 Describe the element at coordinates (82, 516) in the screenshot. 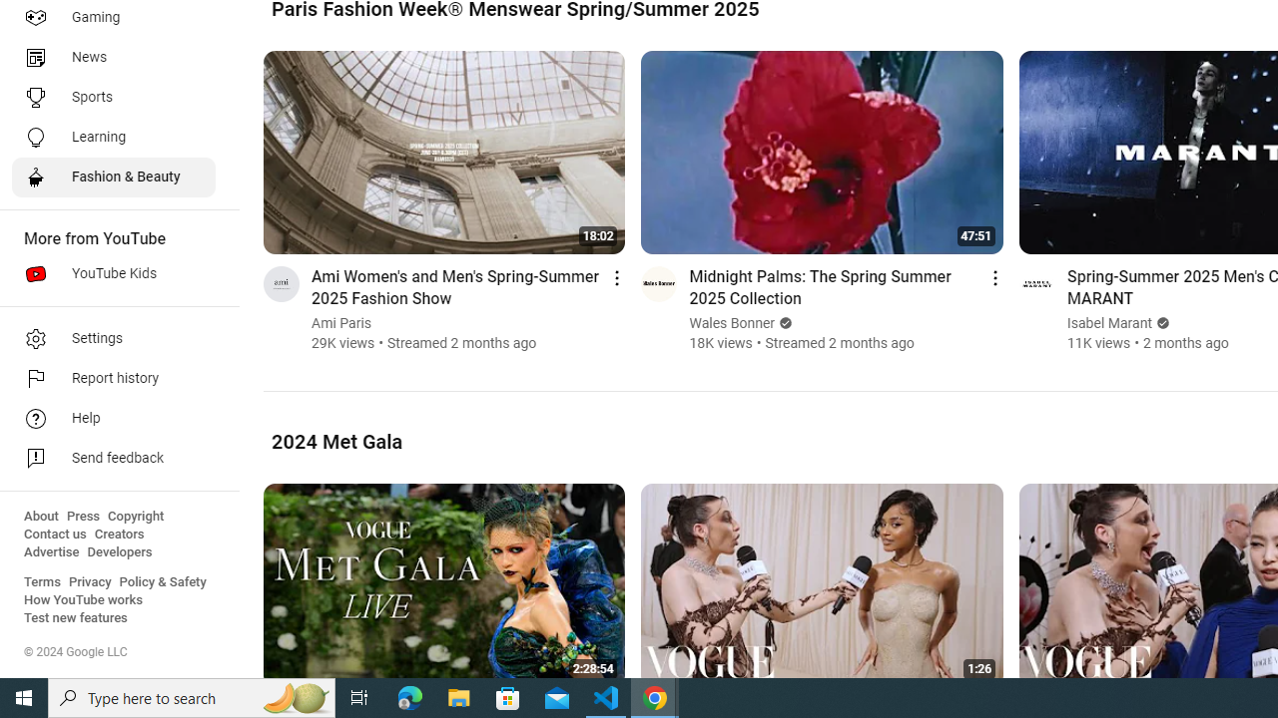

I see `'Press'` at that location.